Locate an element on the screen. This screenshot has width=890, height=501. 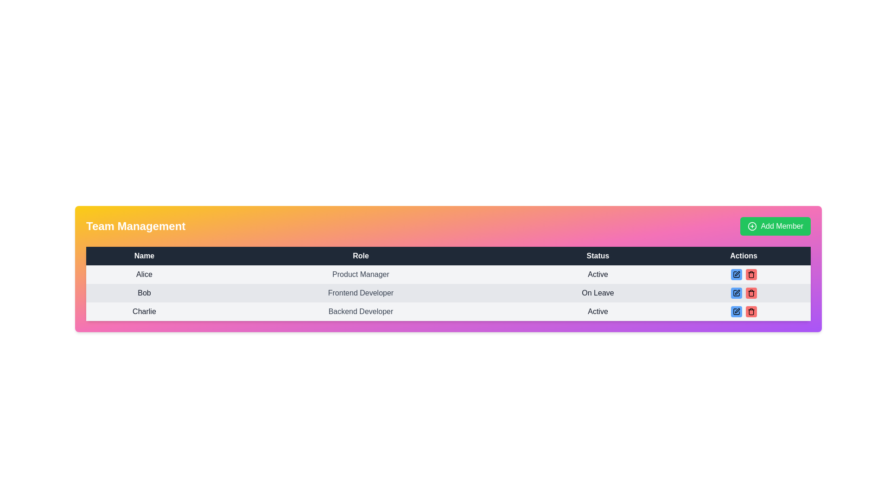
the edit button with a blue background and a pen icon located in the 'Actions' column for the entry corresponding to 'Charlie' is located at coordinates (736, 311).